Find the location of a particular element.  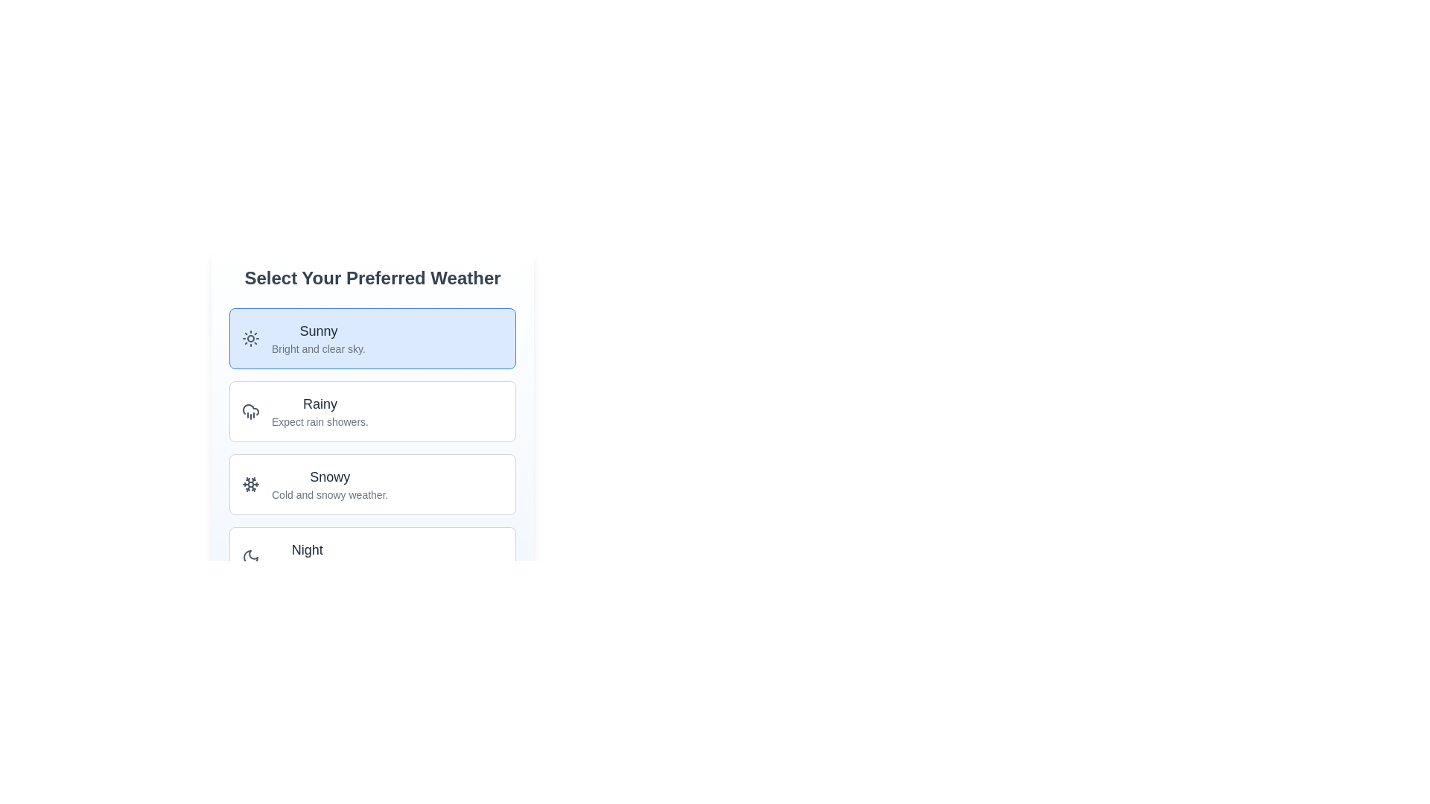

the text label indicating nighttime weather conditions, located at the bottom of the weather options list, above the descriptive text 'Clear night sky.' is located at coordinates (306, 550).